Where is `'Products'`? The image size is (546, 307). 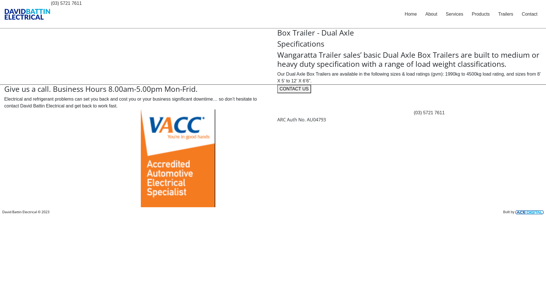
'Products' is located at coordinates (467, 14).